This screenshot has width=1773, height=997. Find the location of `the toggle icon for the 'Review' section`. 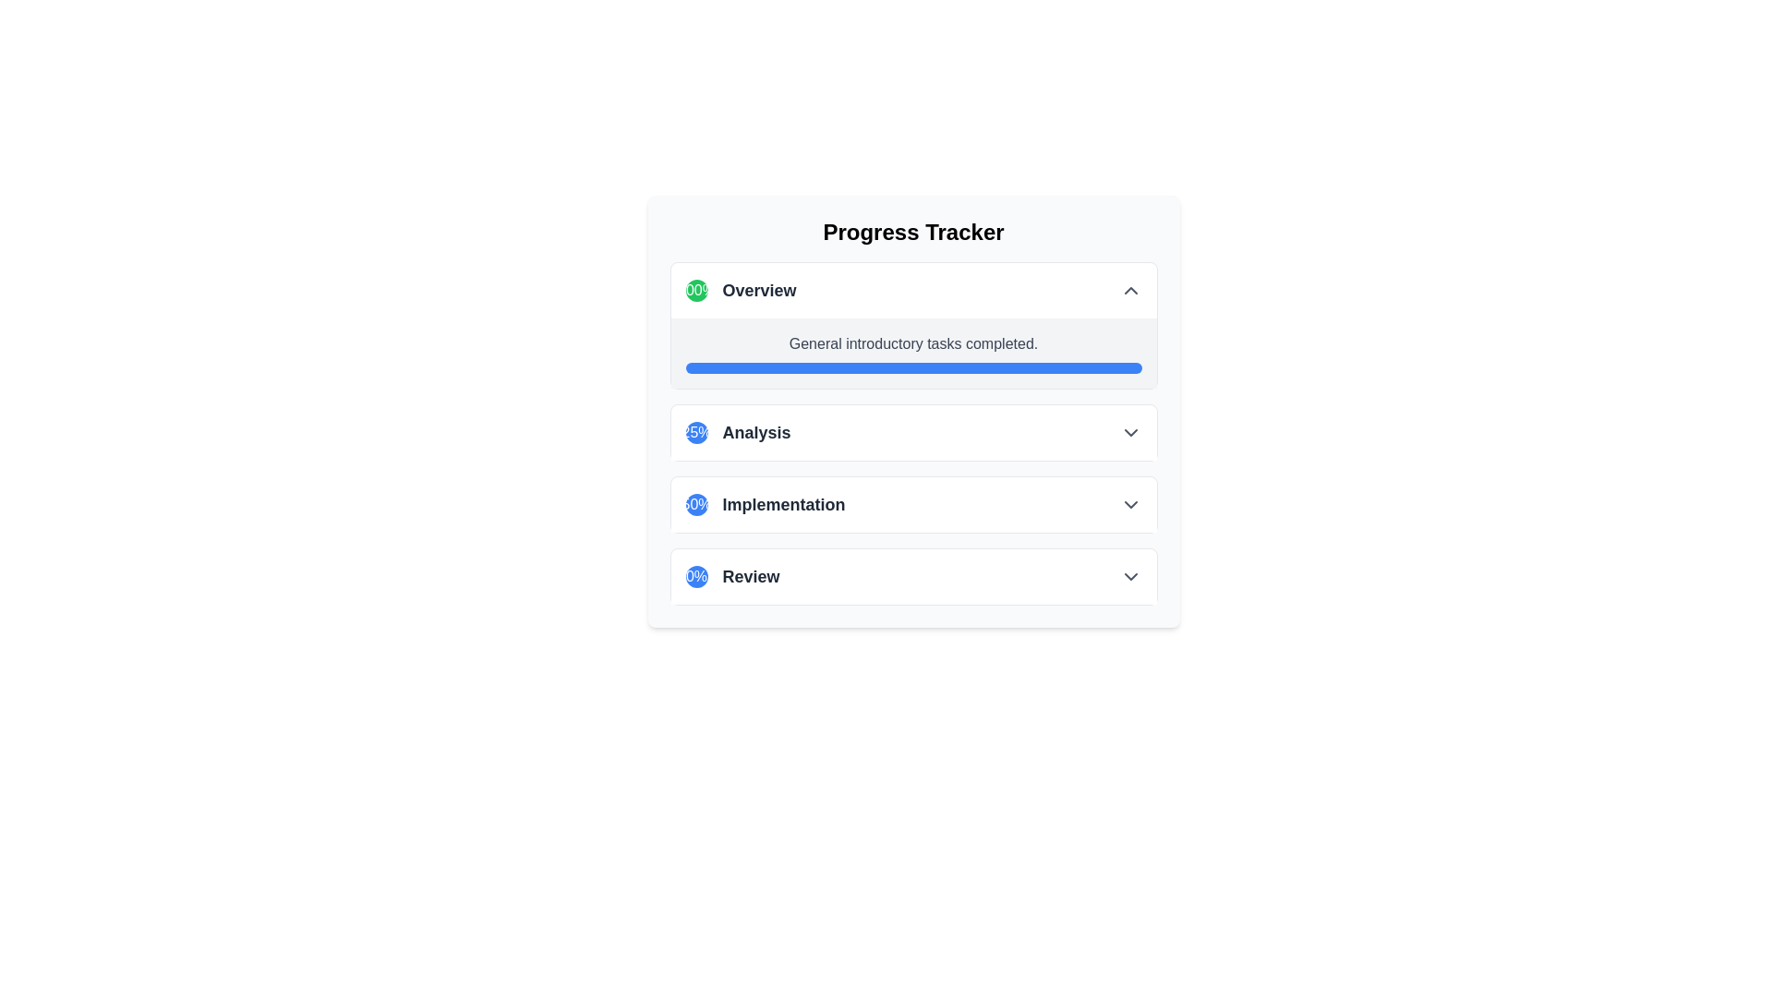

the toggle icon for the 'Review' section is located at coordinates (1129, 575).